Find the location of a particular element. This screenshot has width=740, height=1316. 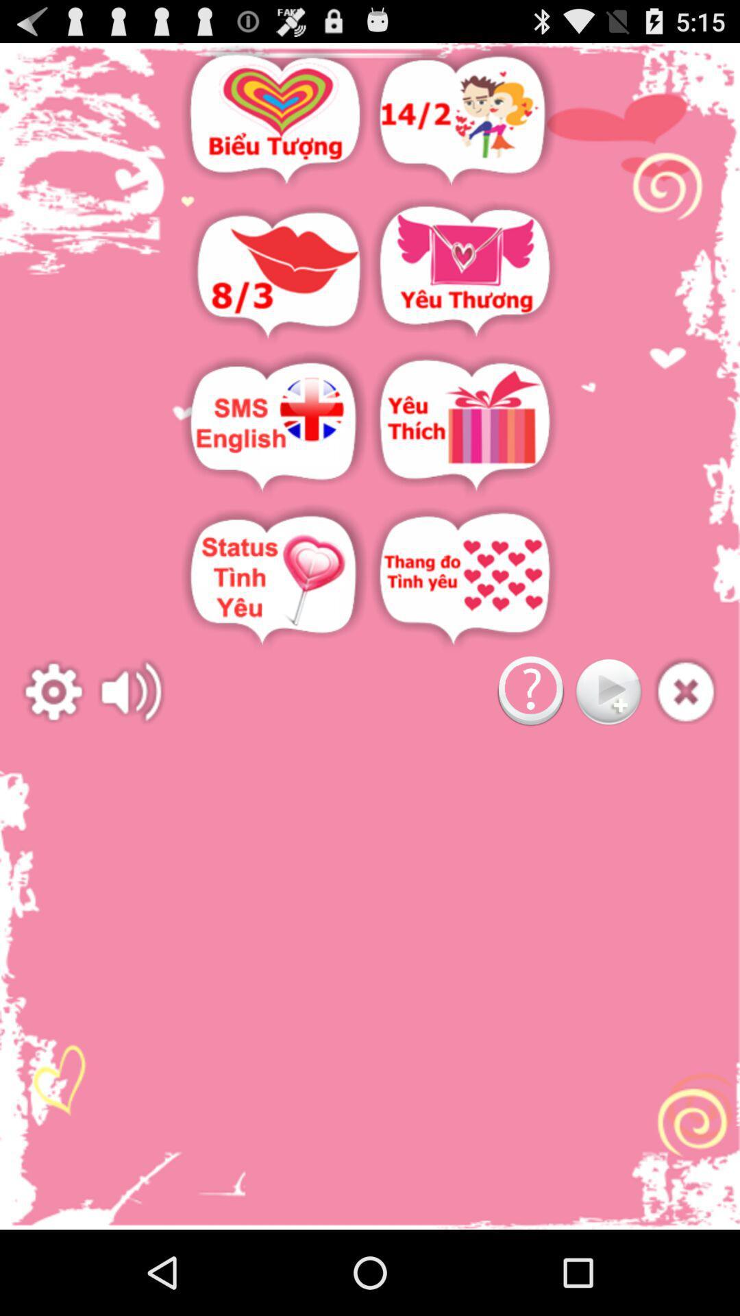

it is a play key is located at coordinates (607, 692).